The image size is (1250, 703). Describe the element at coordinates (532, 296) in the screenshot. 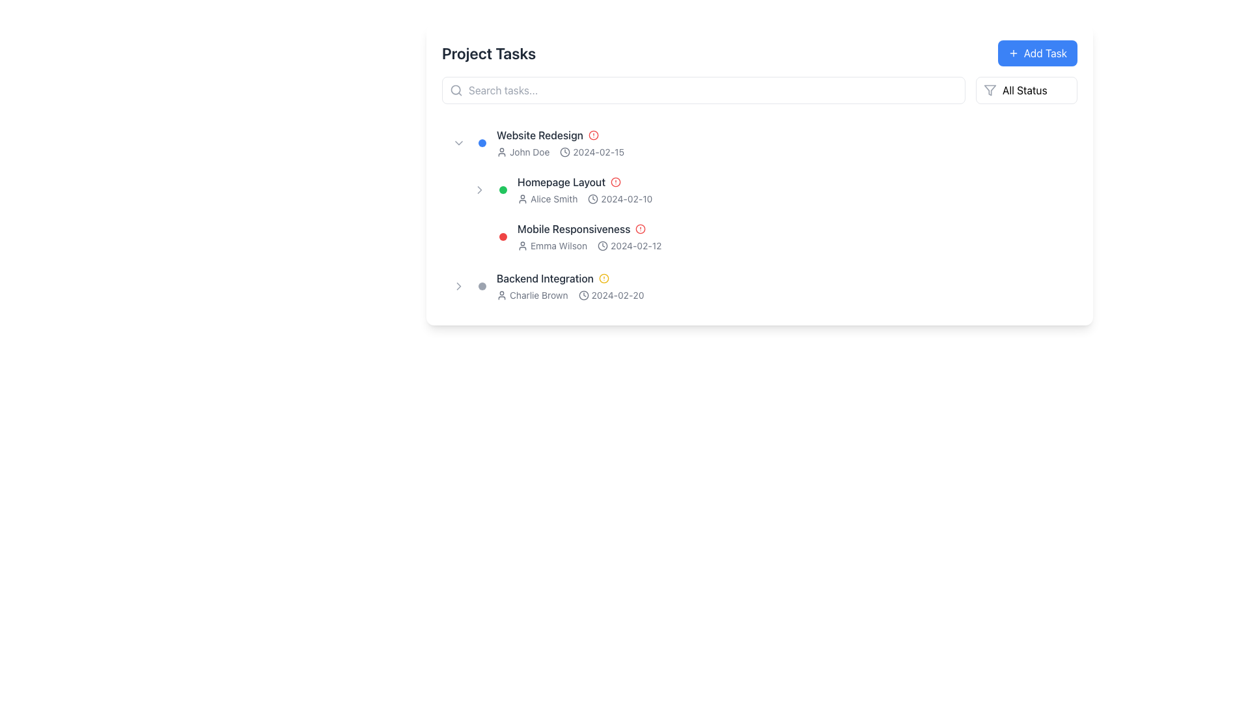

I see `the Label with an icon that displays the user associated with the task under the 'Backend Integration' task` at that location.